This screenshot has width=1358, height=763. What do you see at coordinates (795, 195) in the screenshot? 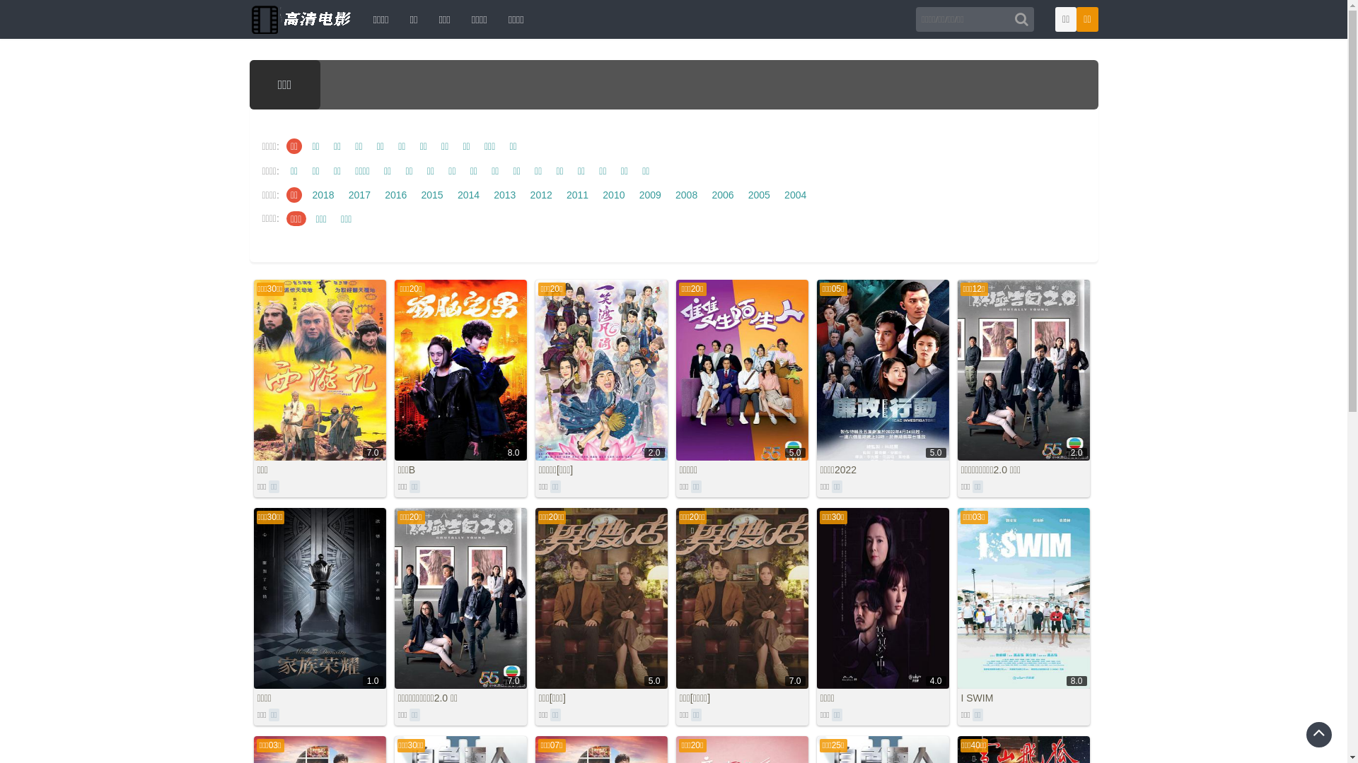
I see `'2004'` at bounding box center [795, 195].